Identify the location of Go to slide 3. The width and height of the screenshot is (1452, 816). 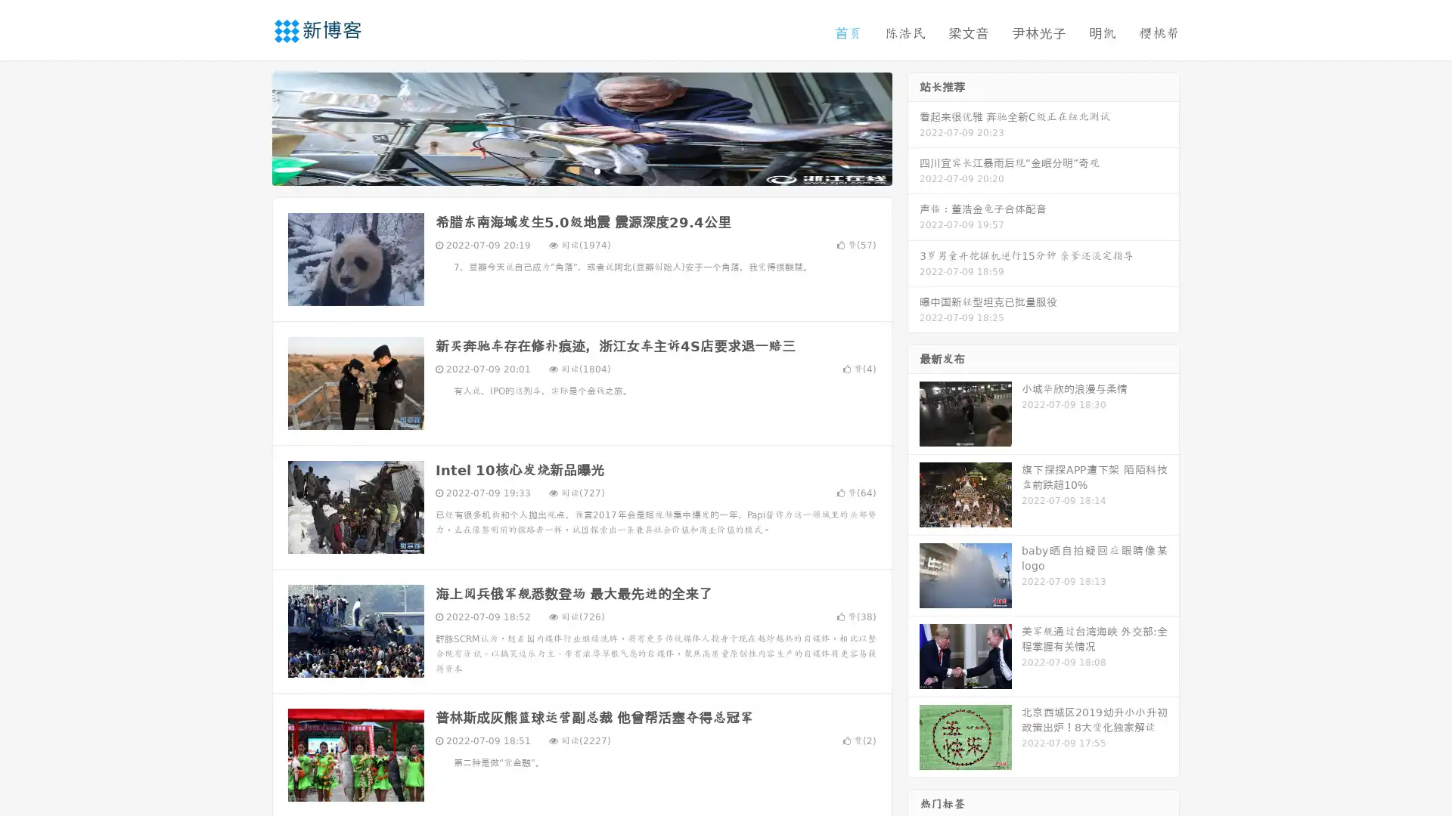
(597, 170).